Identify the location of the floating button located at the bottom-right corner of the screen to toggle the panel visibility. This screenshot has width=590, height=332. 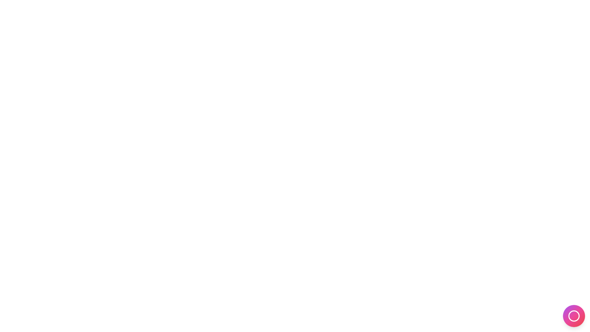
(573, 316).